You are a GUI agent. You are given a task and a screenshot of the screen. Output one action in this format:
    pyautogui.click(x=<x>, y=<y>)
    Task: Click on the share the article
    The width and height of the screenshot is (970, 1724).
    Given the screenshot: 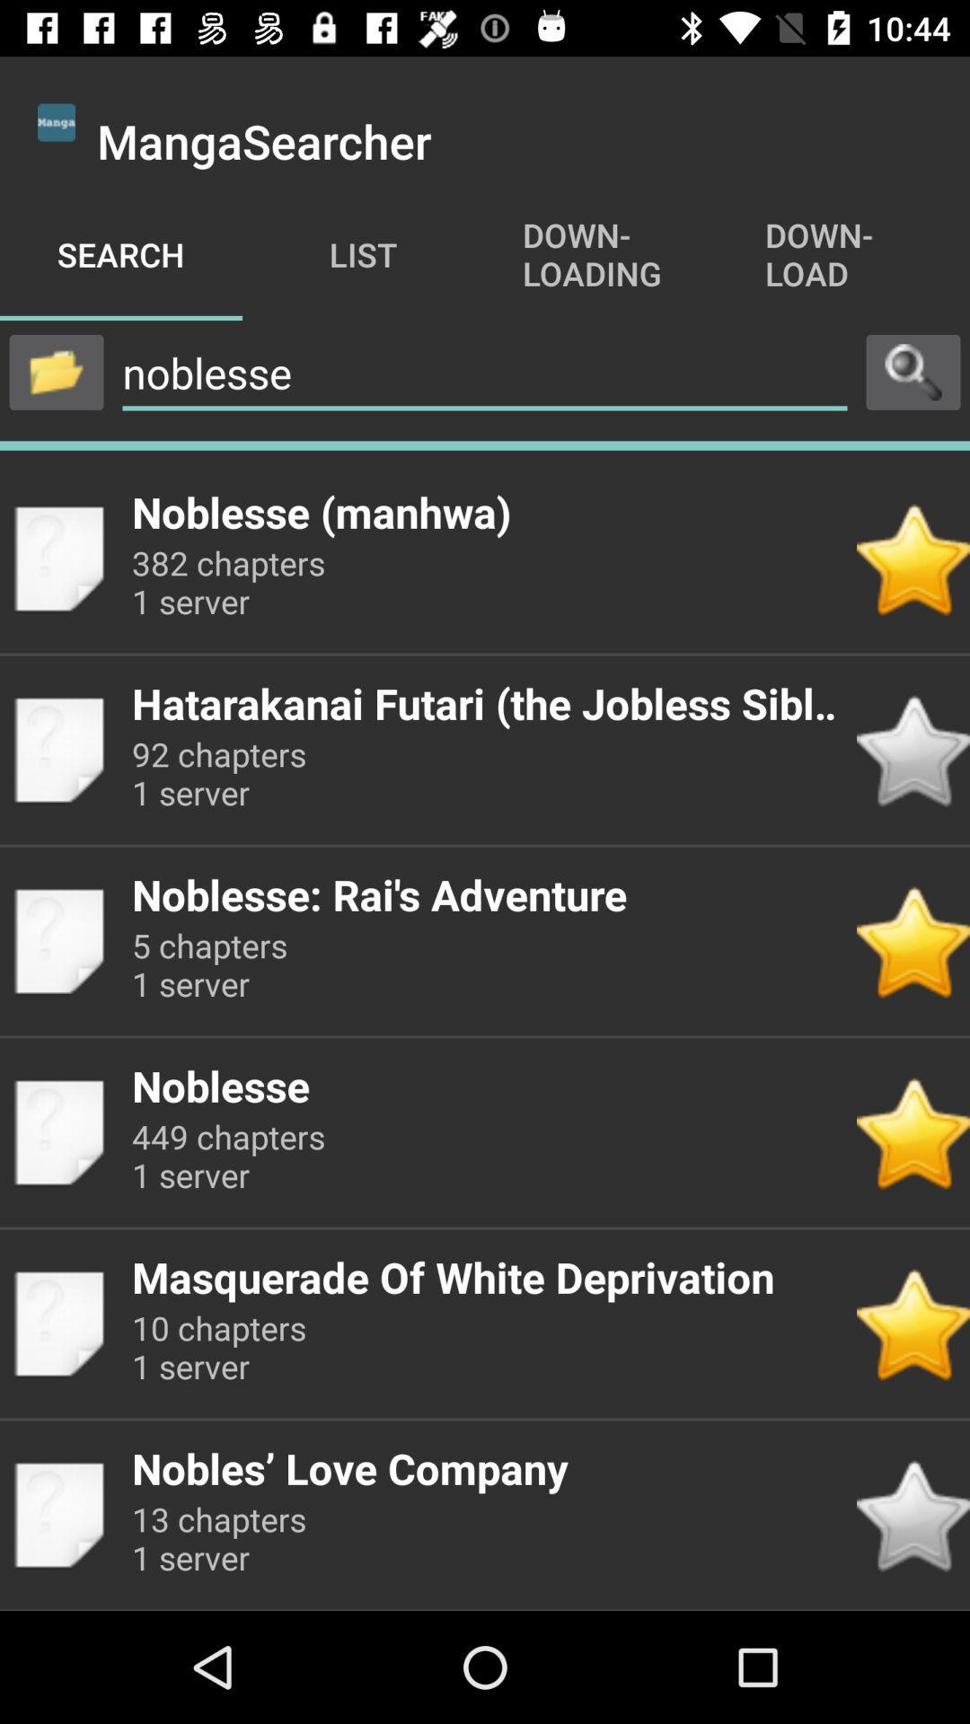 What is the action you would take?
    pyautogui.click(x=55, y=371)
    